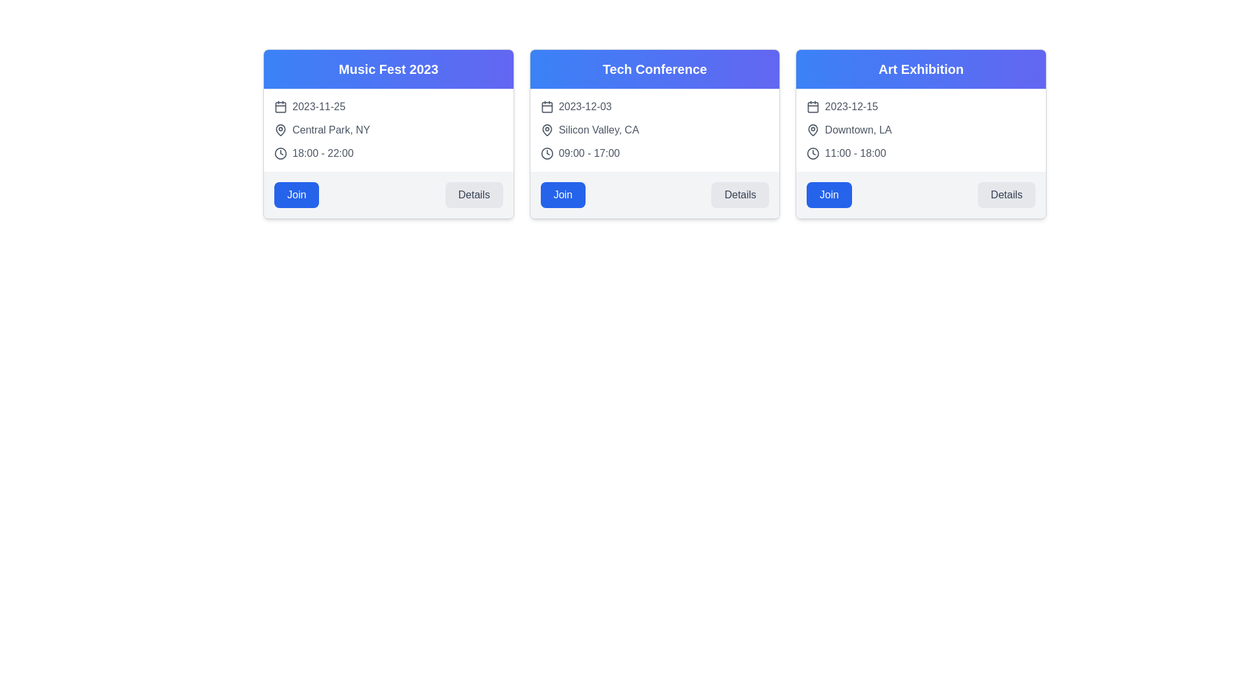 The image size is (1245, 700). Describe the element at coordinates (812, 152) in the screenshot. I see `the clock icon located in the 'Art Exhibition' card, positioned to the left of the time range text '11:00 - 18:00'` at that location.